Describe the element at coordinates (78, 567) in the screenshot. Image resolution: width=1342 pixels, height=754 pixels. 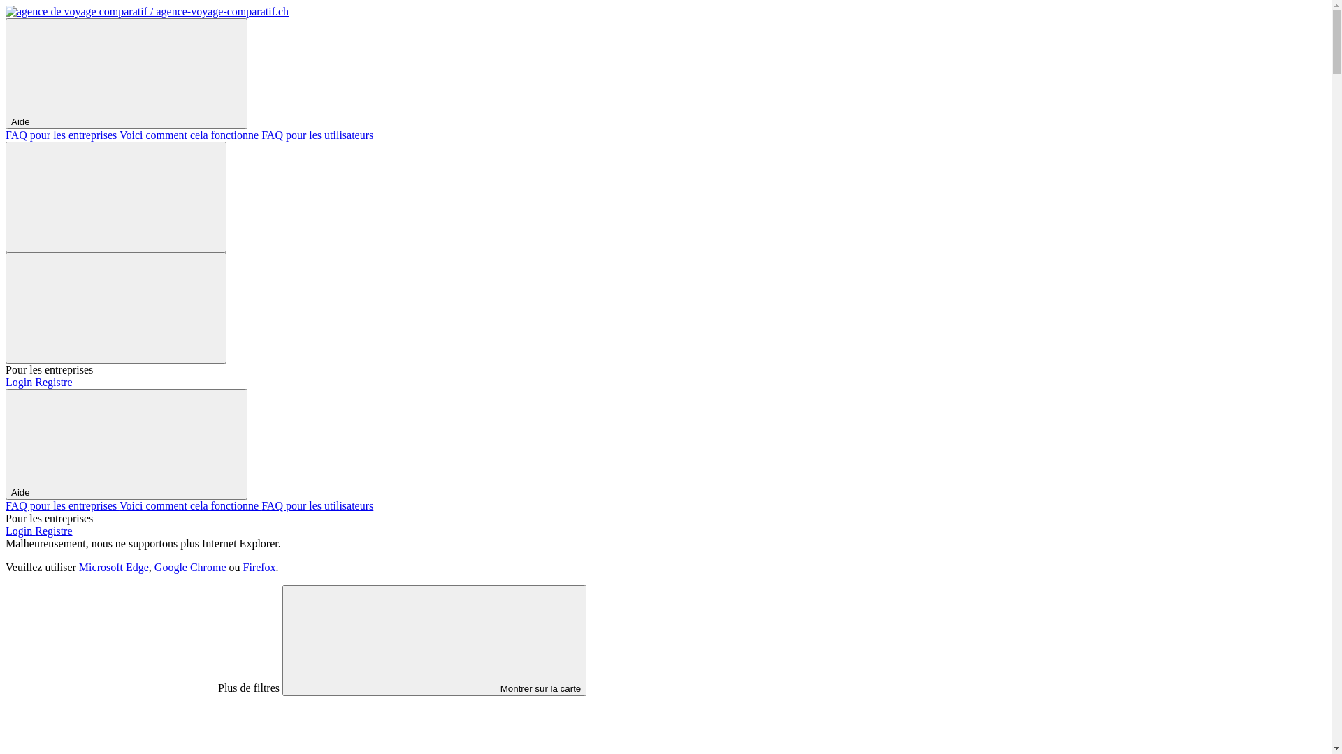
I see `'Microsoft Edge'` at that location.